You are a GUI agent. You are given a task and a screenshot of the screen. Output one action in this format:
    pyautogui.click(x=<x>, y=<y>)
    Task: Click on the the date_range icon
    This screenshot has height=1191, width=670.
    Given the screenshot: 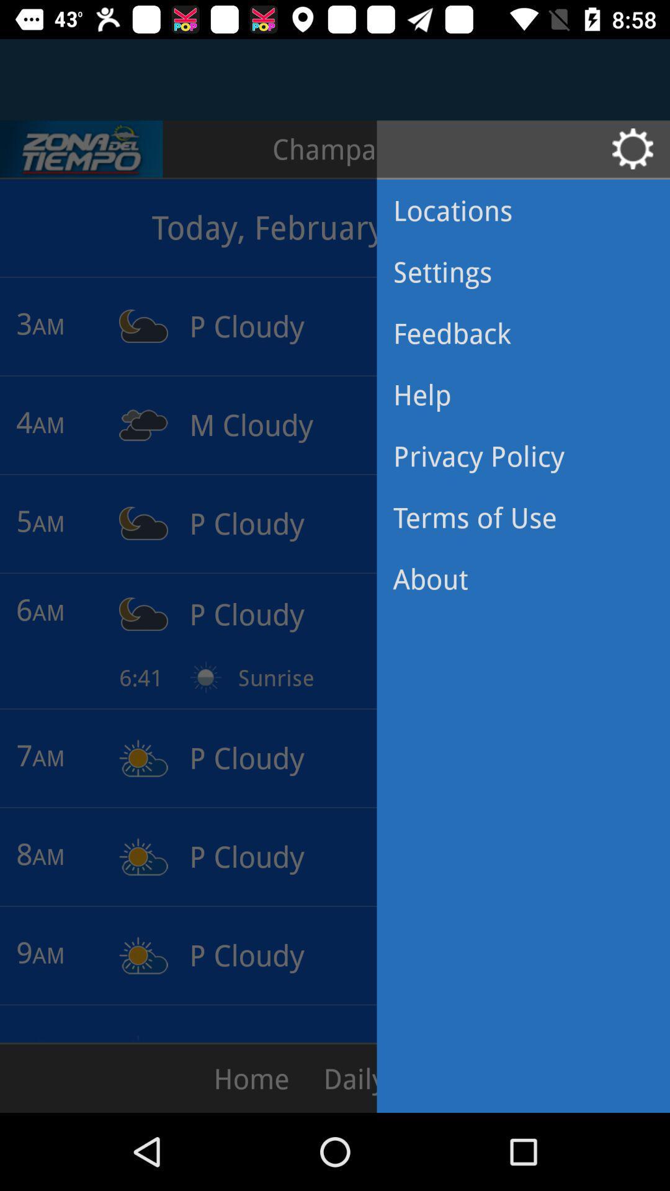 What is the action you would take?
    pyautogui.click(x=81, y=149)
    